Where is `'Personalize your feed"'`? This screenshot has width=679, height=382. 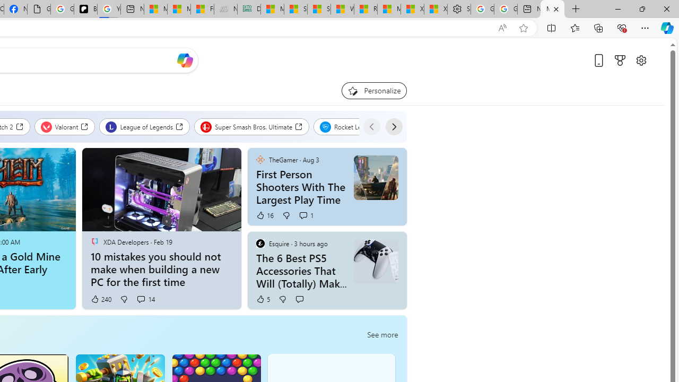 'Personalize your feed"' is located at coordinates (374, 90).